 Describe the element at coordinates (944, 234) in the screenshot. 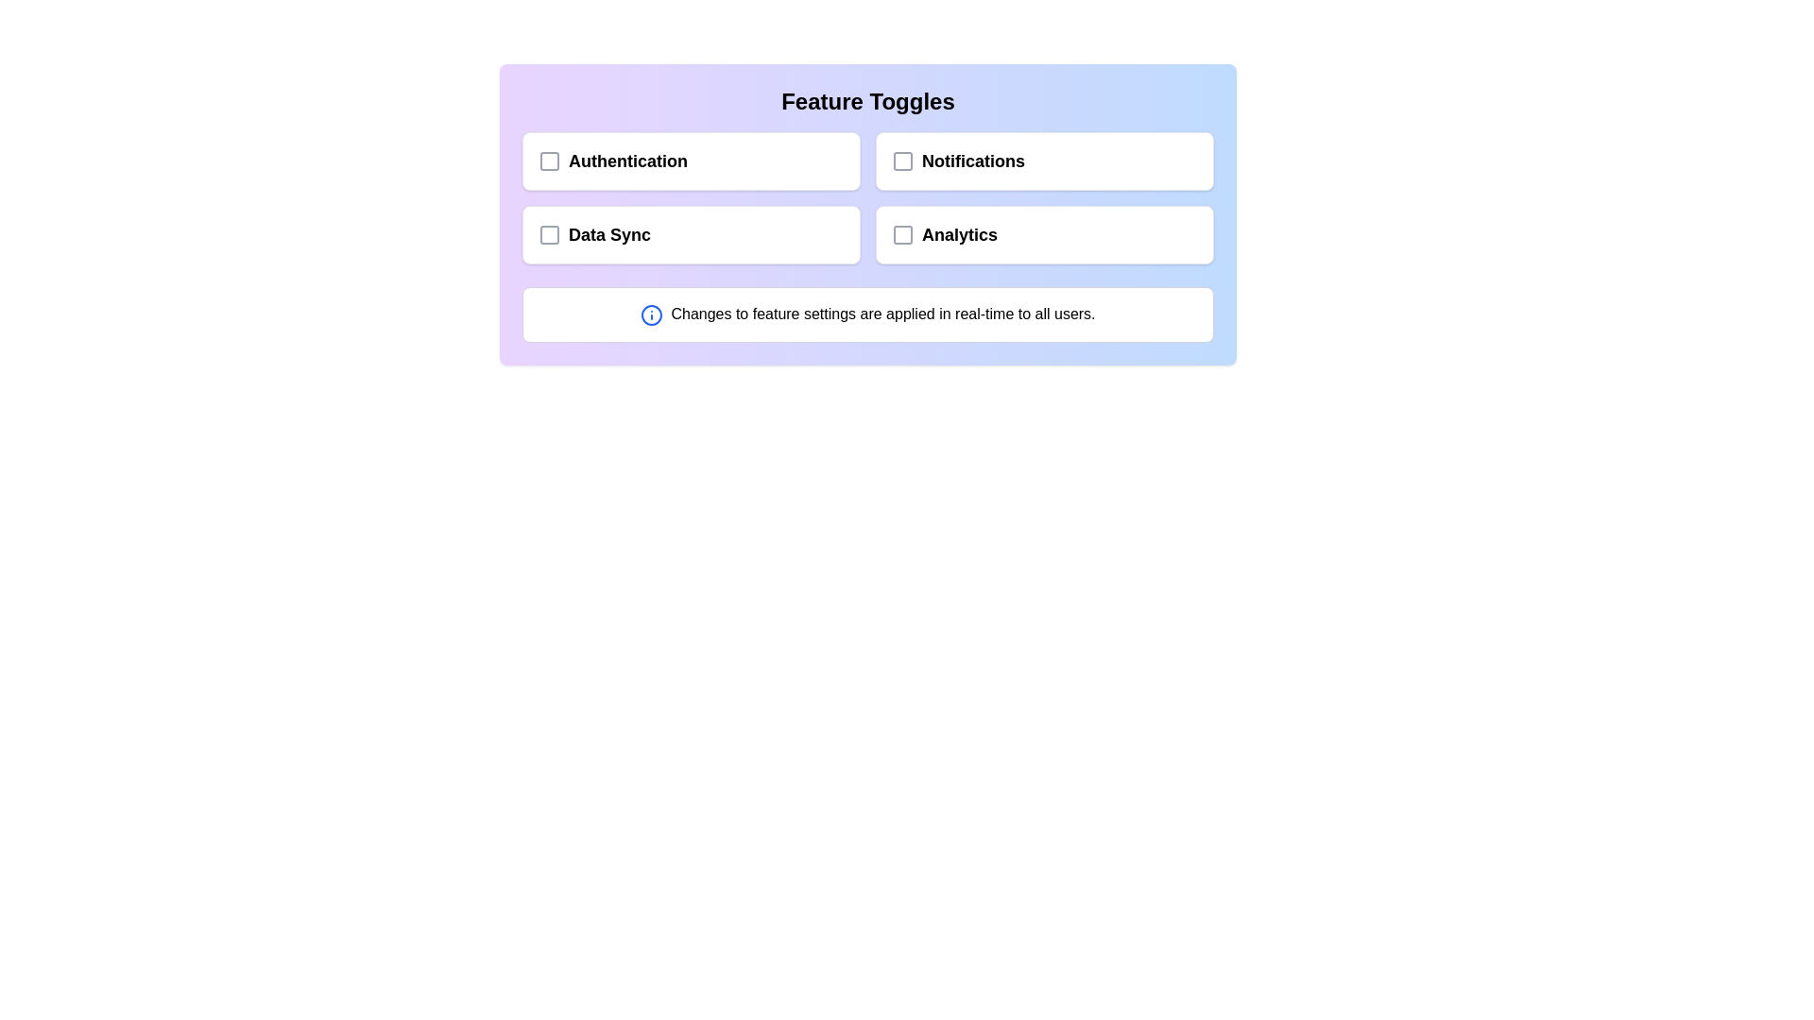

I see `the text label indicating the 'Analytics' feature, which is located in the bottom-right quadrant of the card layout under the 'Feature Toggles' title` at that location.